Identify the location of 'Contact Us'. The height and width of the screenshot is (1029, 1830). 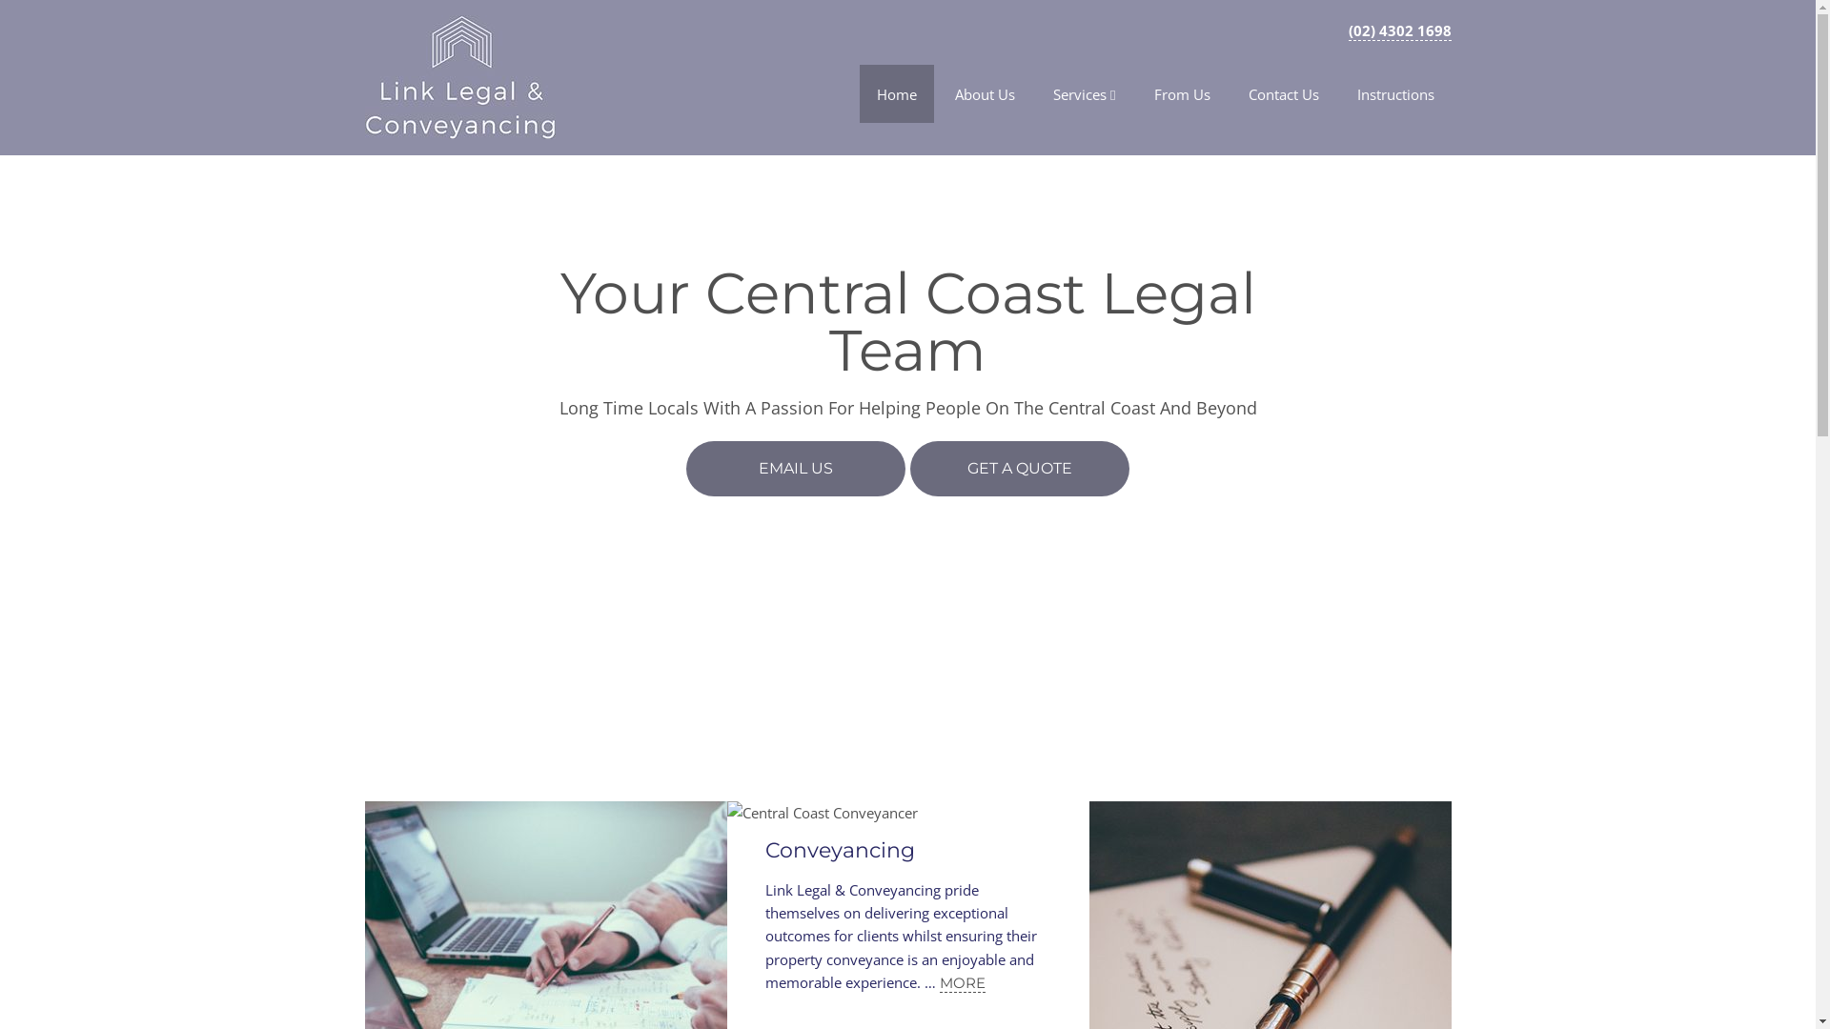
(1284, 93).